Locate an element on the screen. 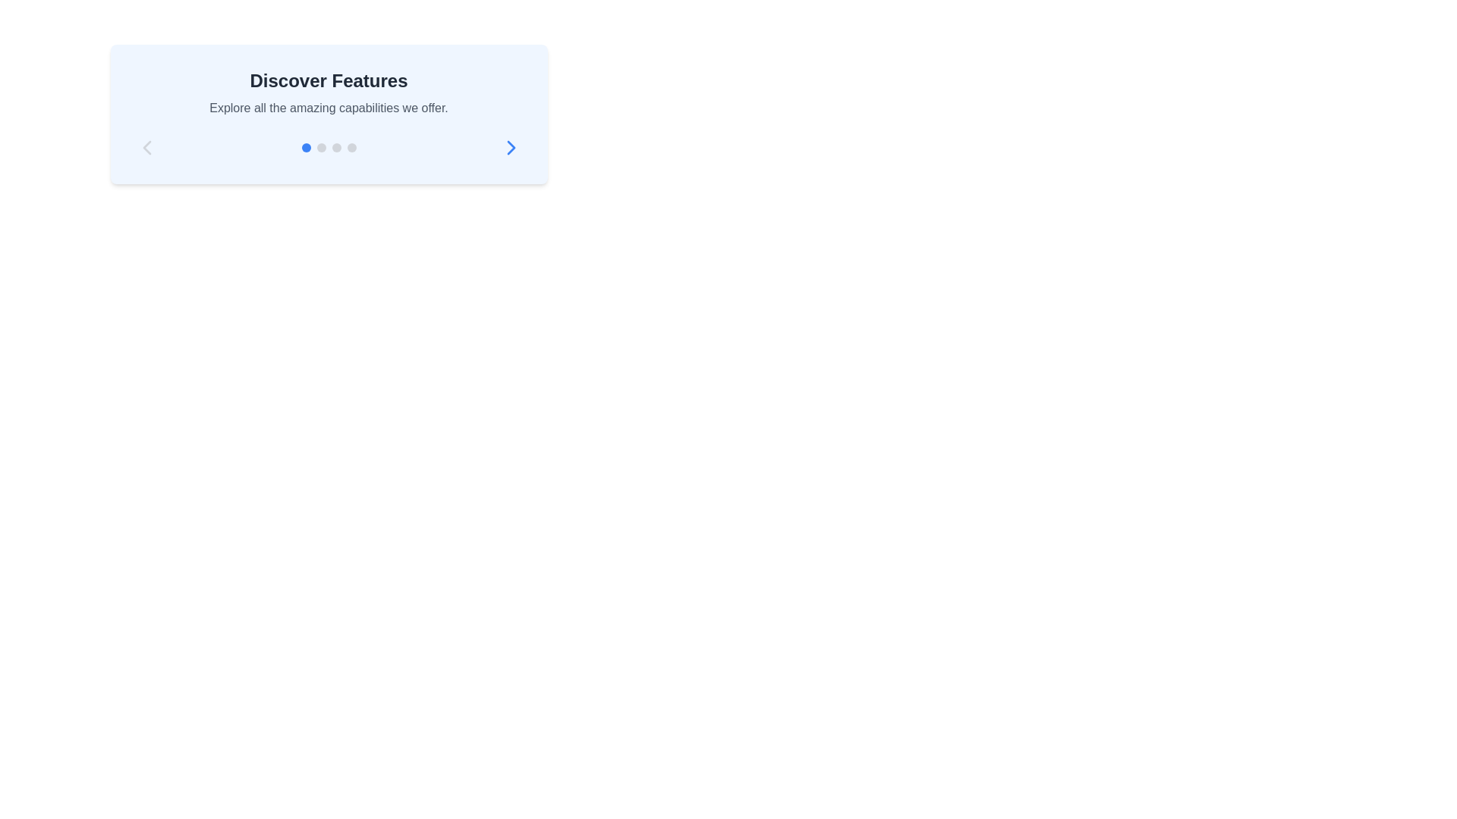  the right-pointing chevron icon styled in vivid blue, which is the last navigation element in the 'Discover Features' card is located at coordinates (511, 148).